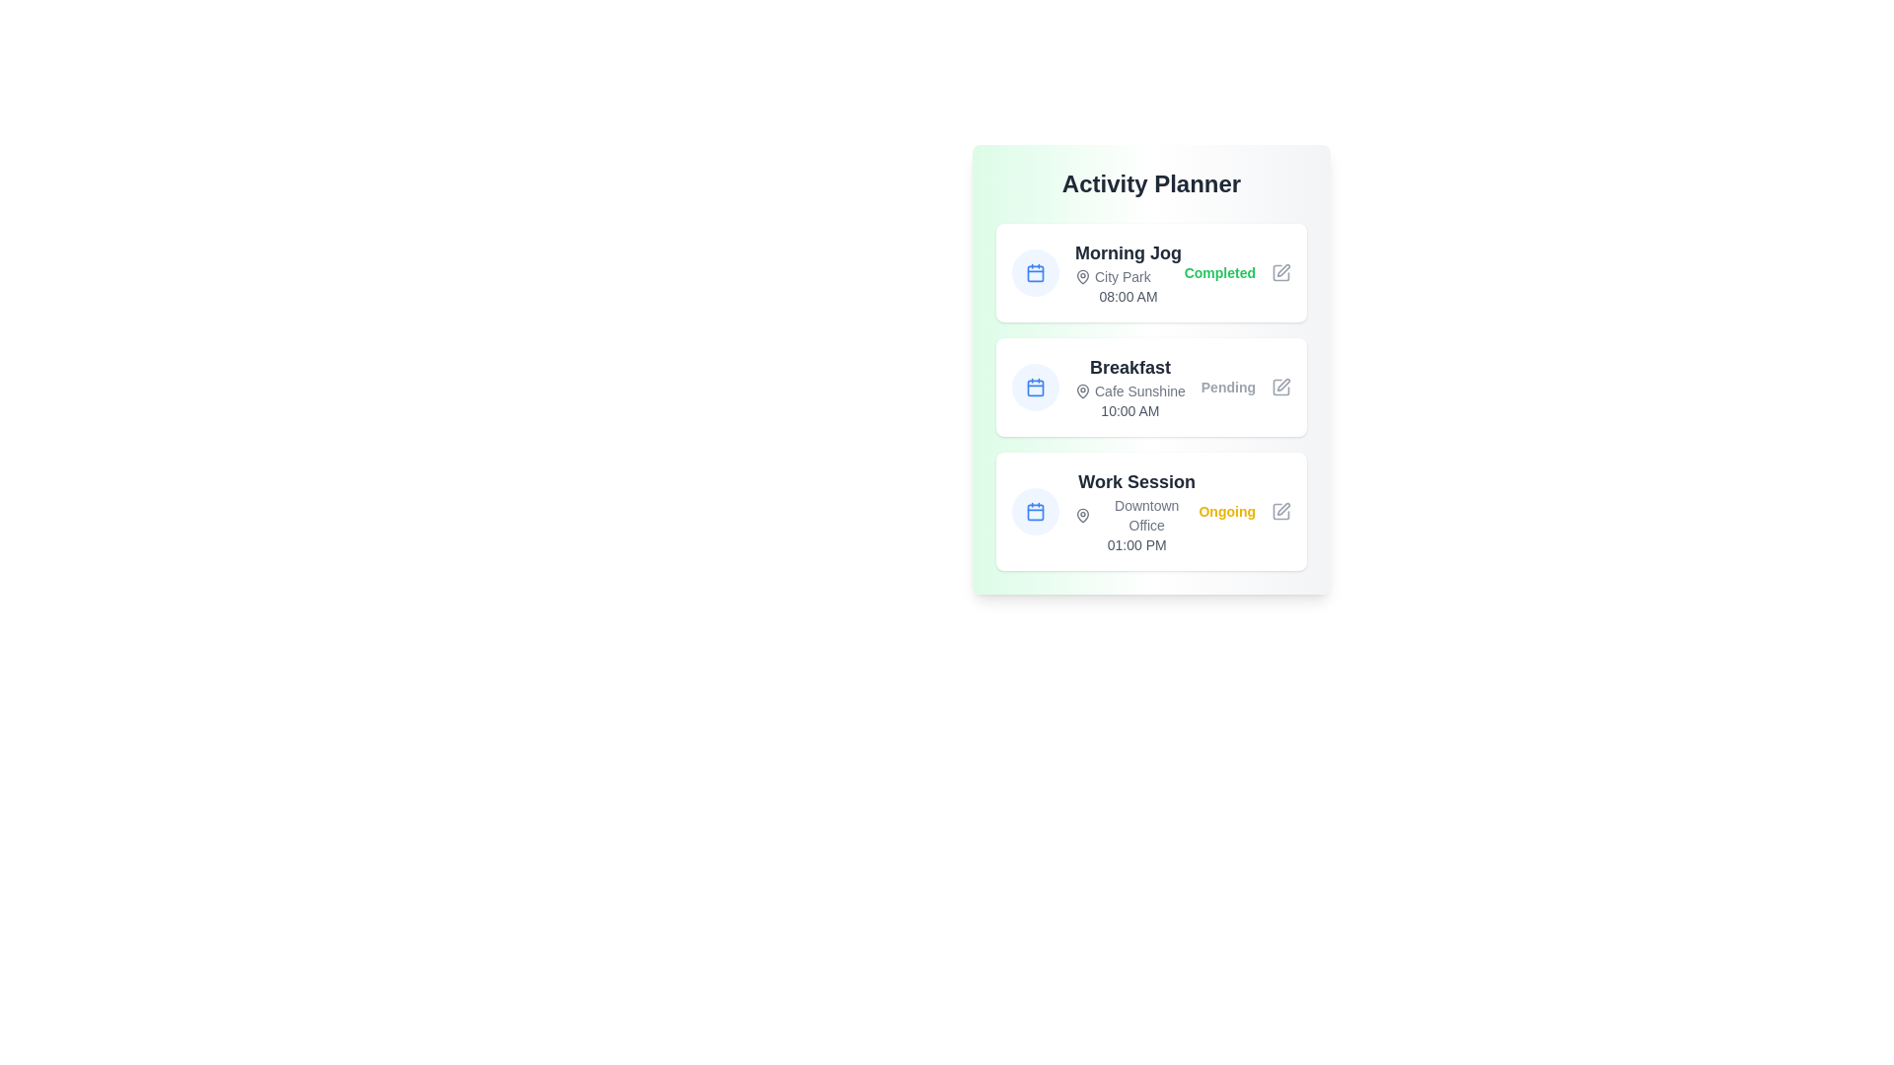  What do you see at coordinates (1281, 273) in the screenshot?
I see `the edit button icon for the 'Morning Jog' task, which is located at the rightmost end of the task row in the 'Activity Planner'` at bounding box center [1281, 273].